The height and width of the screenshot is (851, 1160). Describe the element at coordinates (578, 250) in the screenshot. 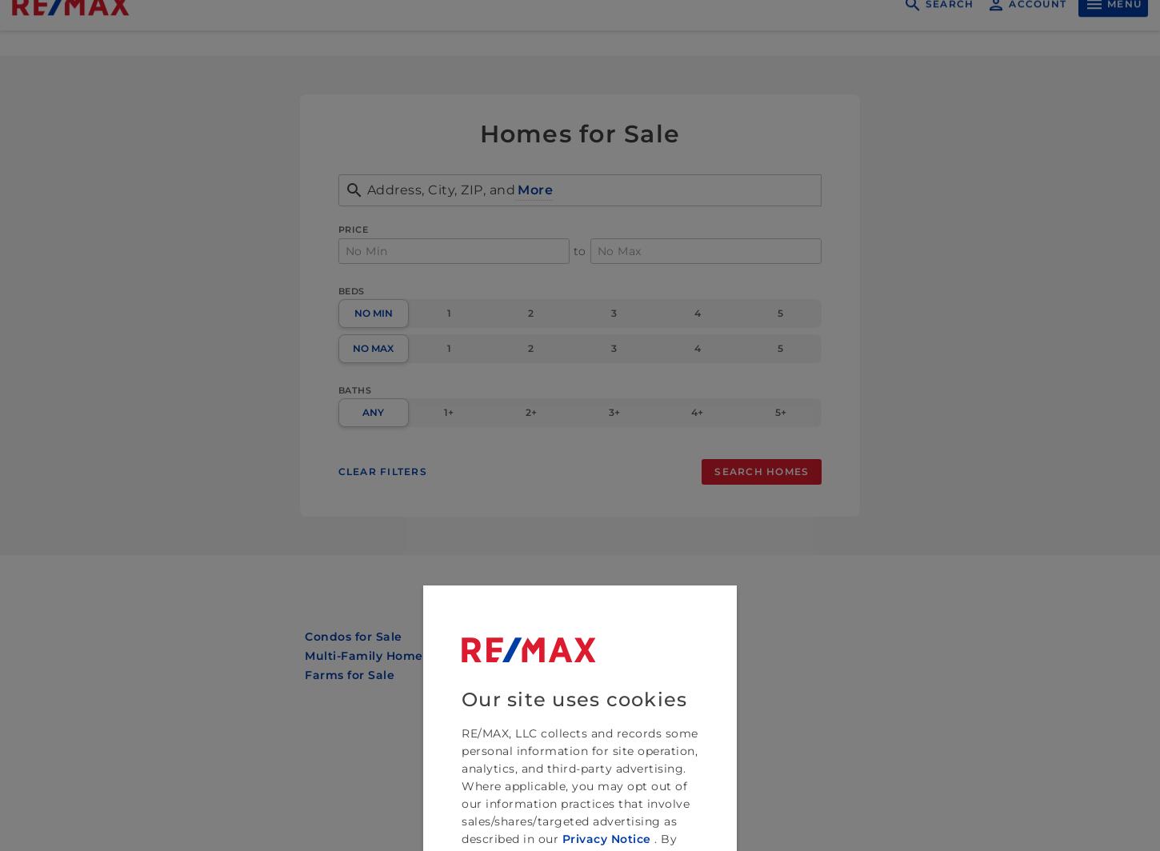

I see `'to'` at that location.